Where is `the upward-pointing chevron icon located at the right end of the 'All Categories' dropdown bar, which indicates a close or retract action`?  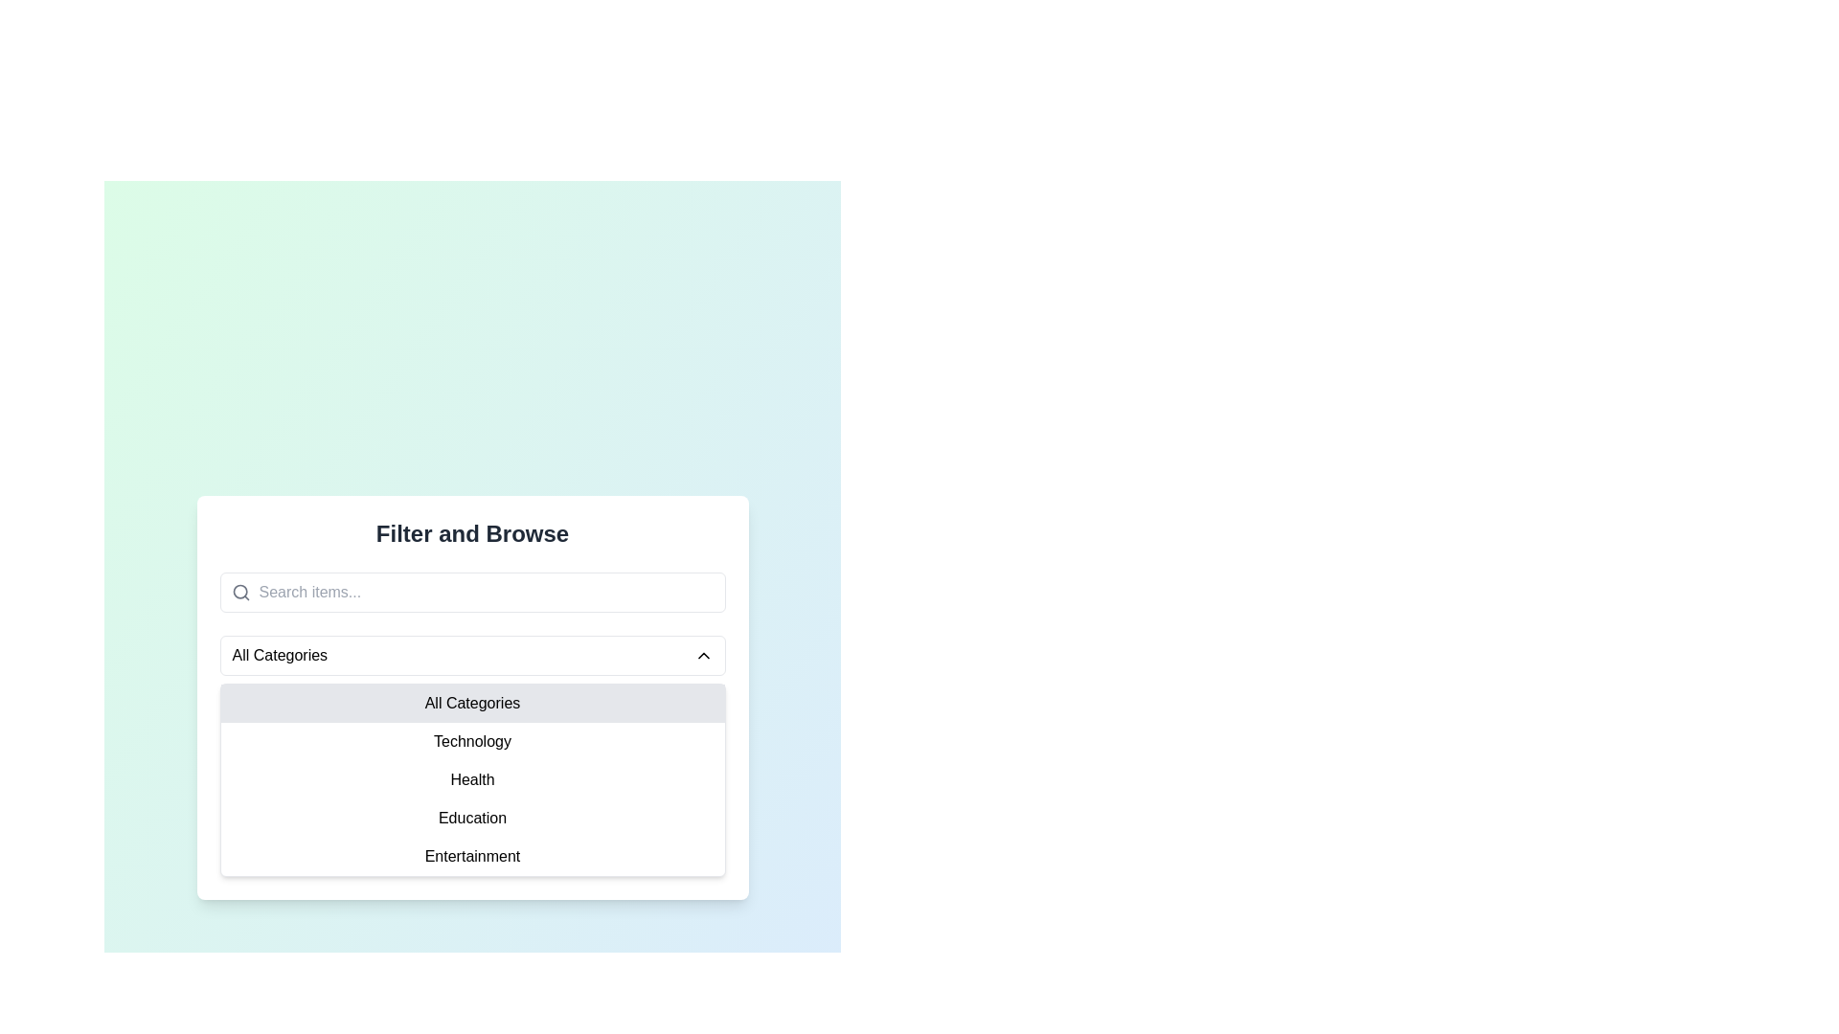 the upward-pointing chevron icon located at the right end of the 'All Categories' dropdown bar, which indicates a close or retract action is located at coordinates (702, 655).